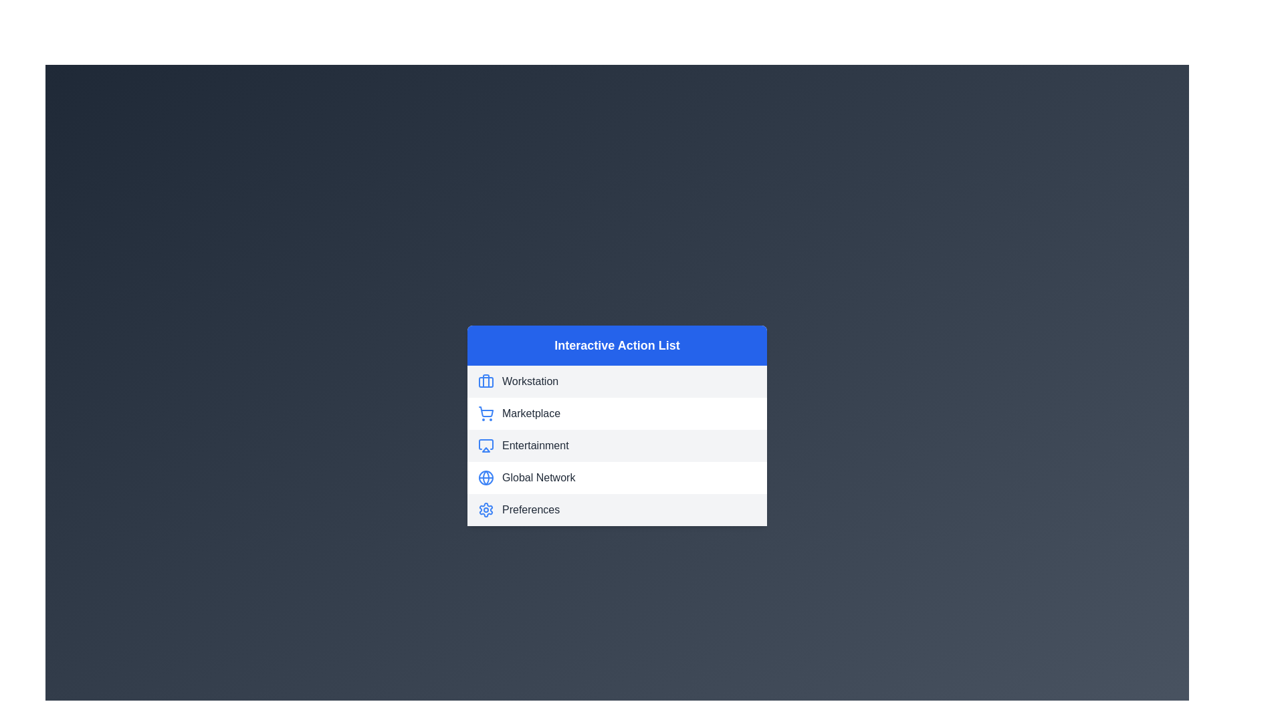  What do you see at coordinates (485, 412) in the screenshot?
I see `the first icon on the second row of the 'Interactive Action List' that is vertically aligned with the 'Marketplace' text` at bounding box center [485, 412].